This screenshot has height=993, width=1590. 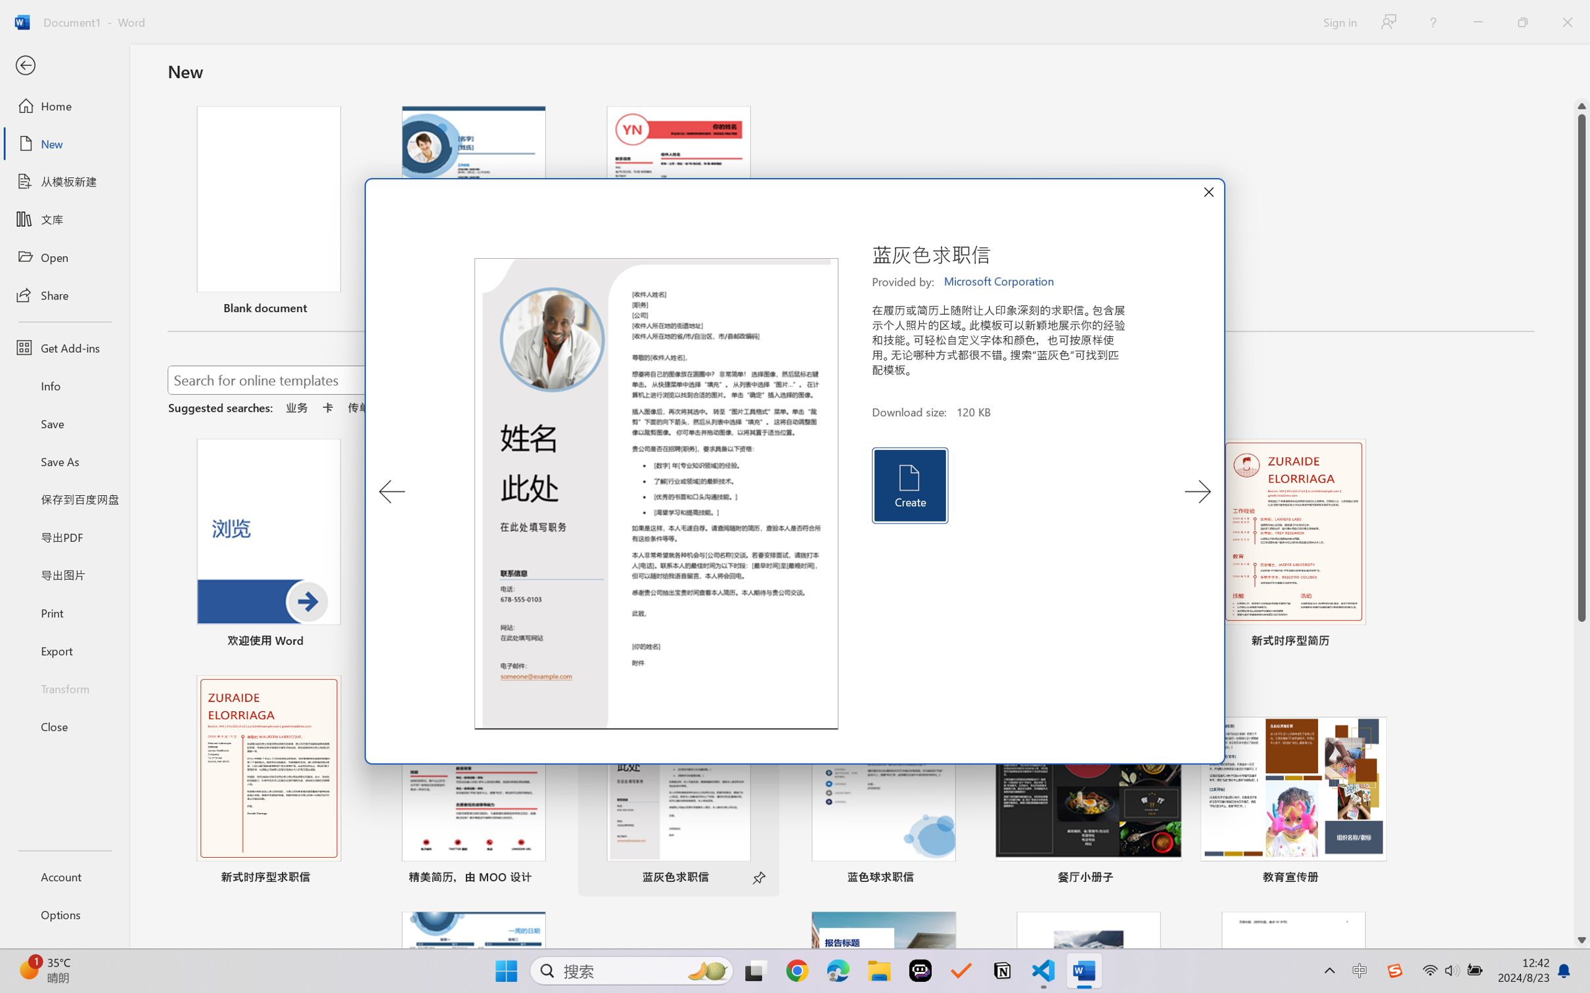 What do you see at coordinates (64, 461) in the screenshot?
I see `'Save As'` at bounding box center [64, 461].